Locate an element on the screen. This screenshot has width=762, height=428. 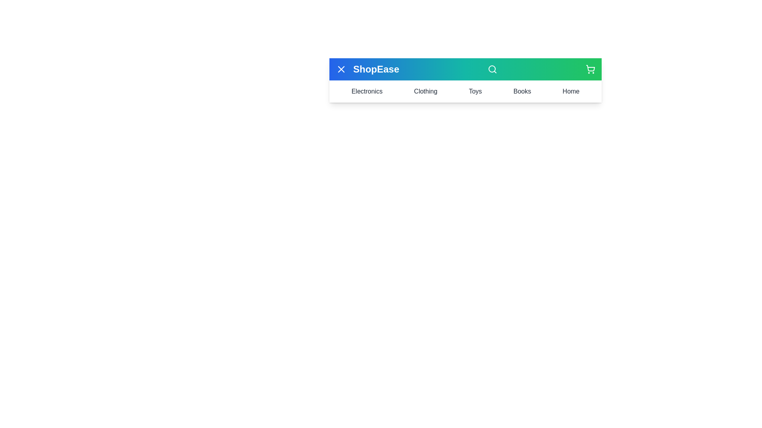
the Books menu item to view its content is located at coordinates (522, 91).